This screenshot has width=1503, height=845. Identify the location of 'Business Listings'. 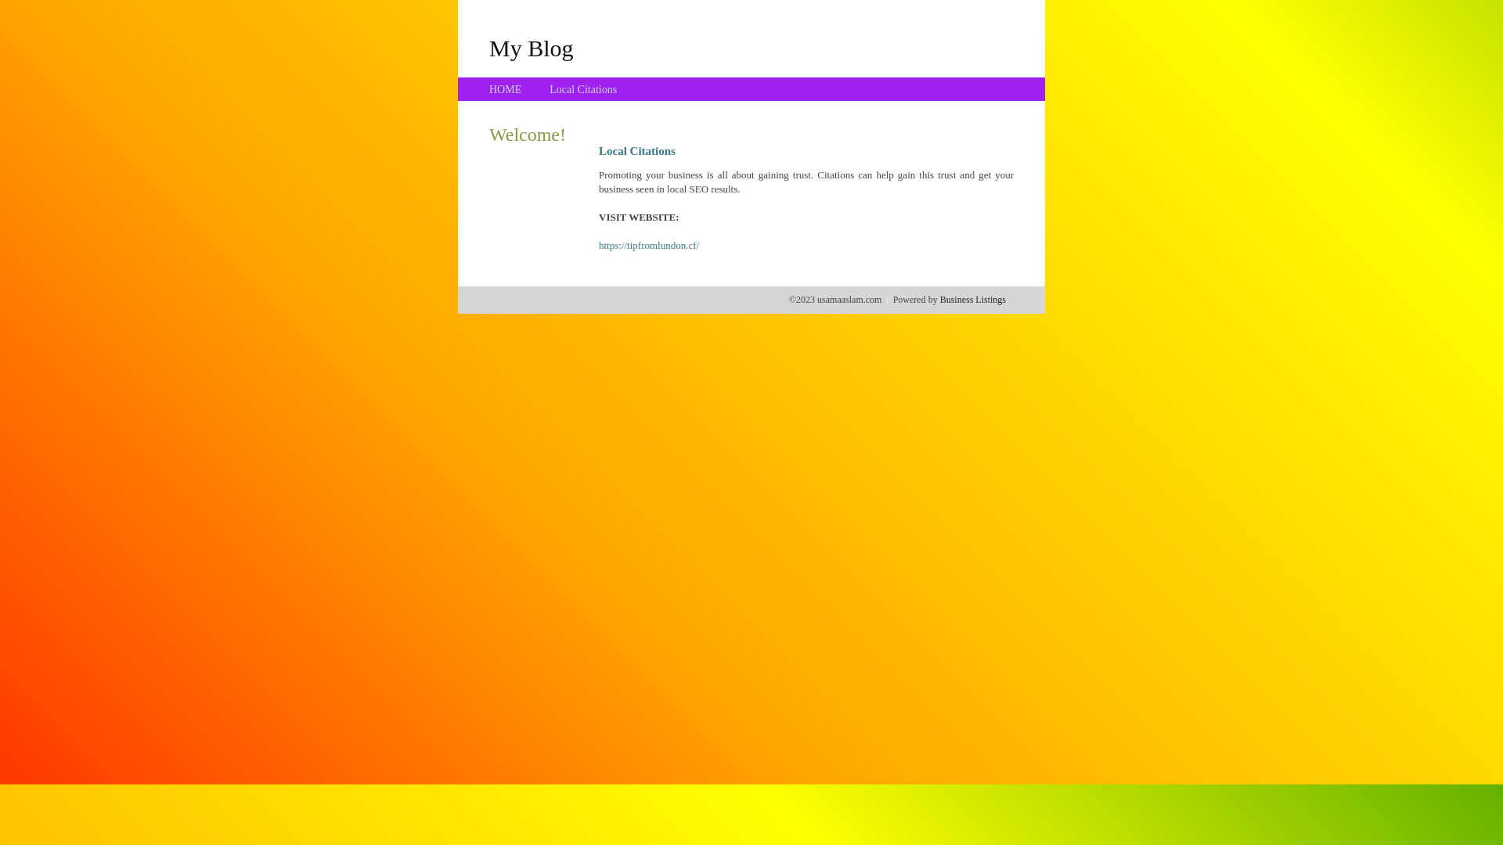
(972, 299).